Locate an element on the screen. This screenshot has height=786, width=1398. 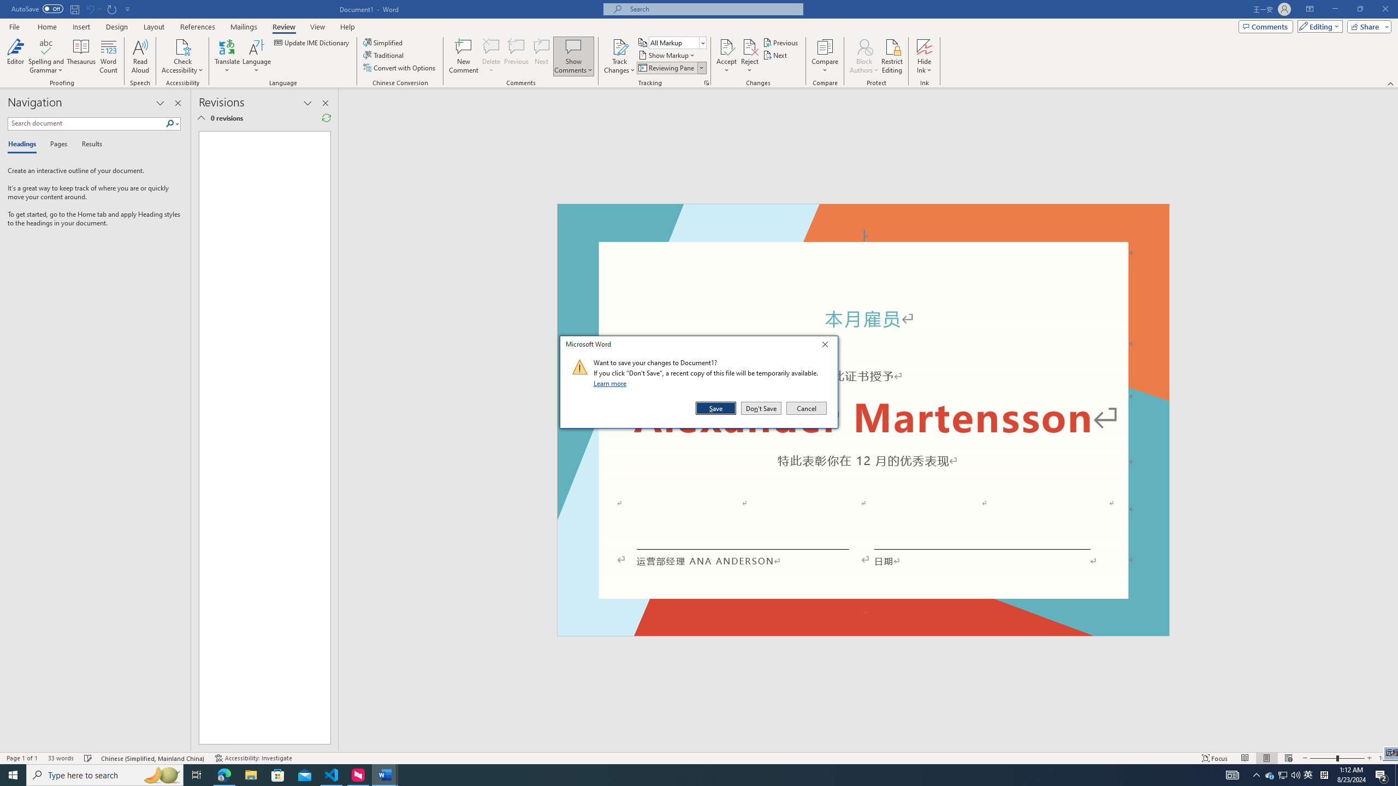
'Compare' is located at coordinates (825, 56).